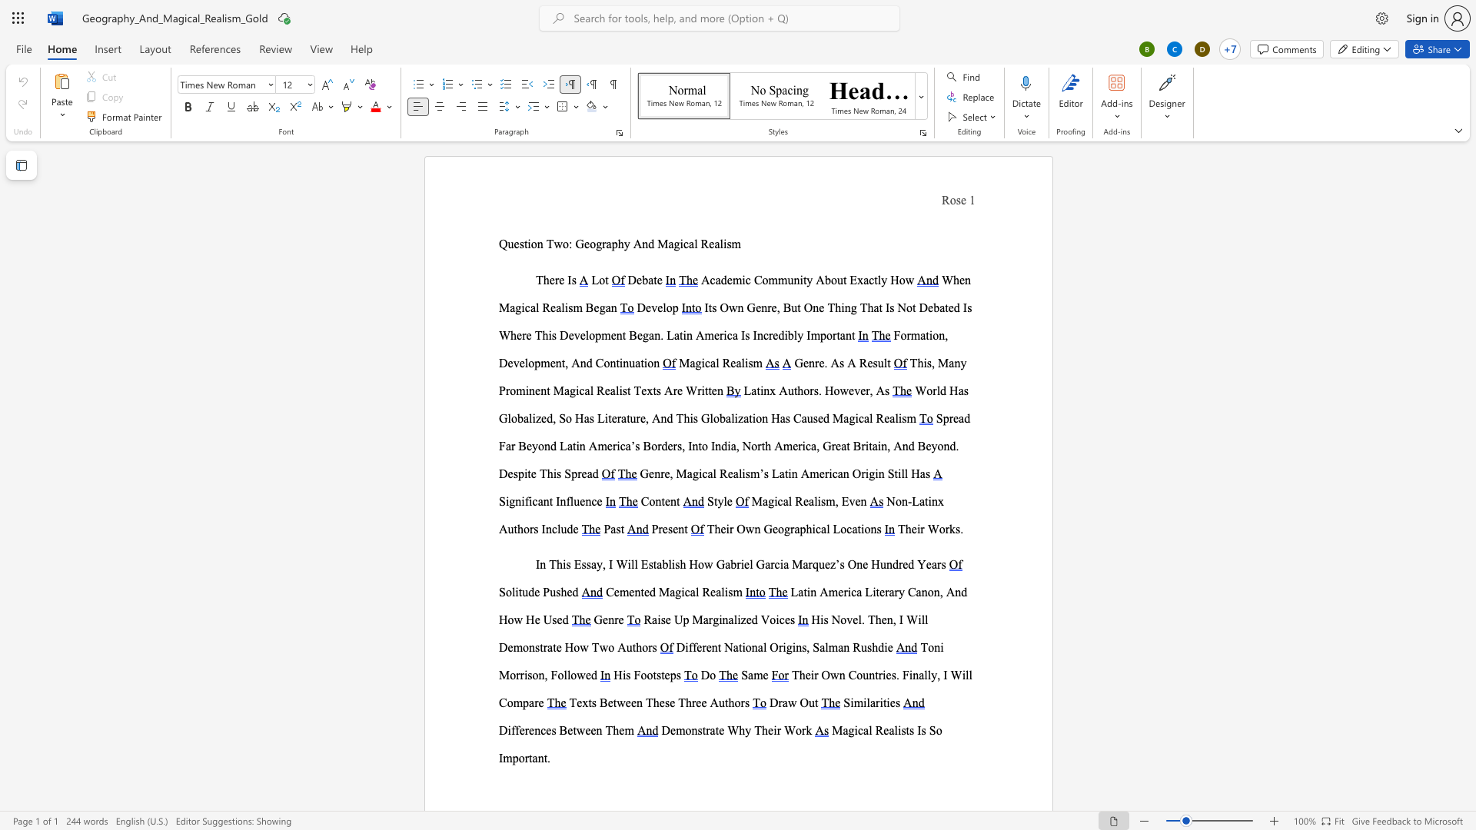 The width and height of the screenshot is (1476, 830). What do you see at coordinates (552, 473) in the screenshot?
I see `the space between the continuous character "h" and "i" in the text` at bounding box center [552, 473].